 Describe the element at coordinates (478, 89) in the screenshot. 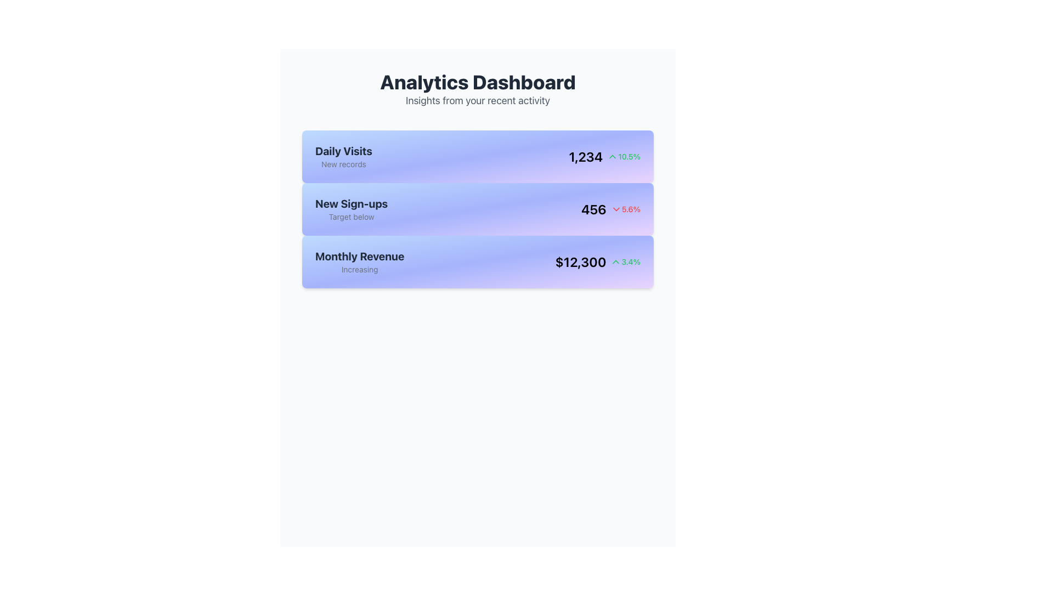

I see `the header element located at the top-center of the interface, which provides context about the analytics information on the page` at that location.